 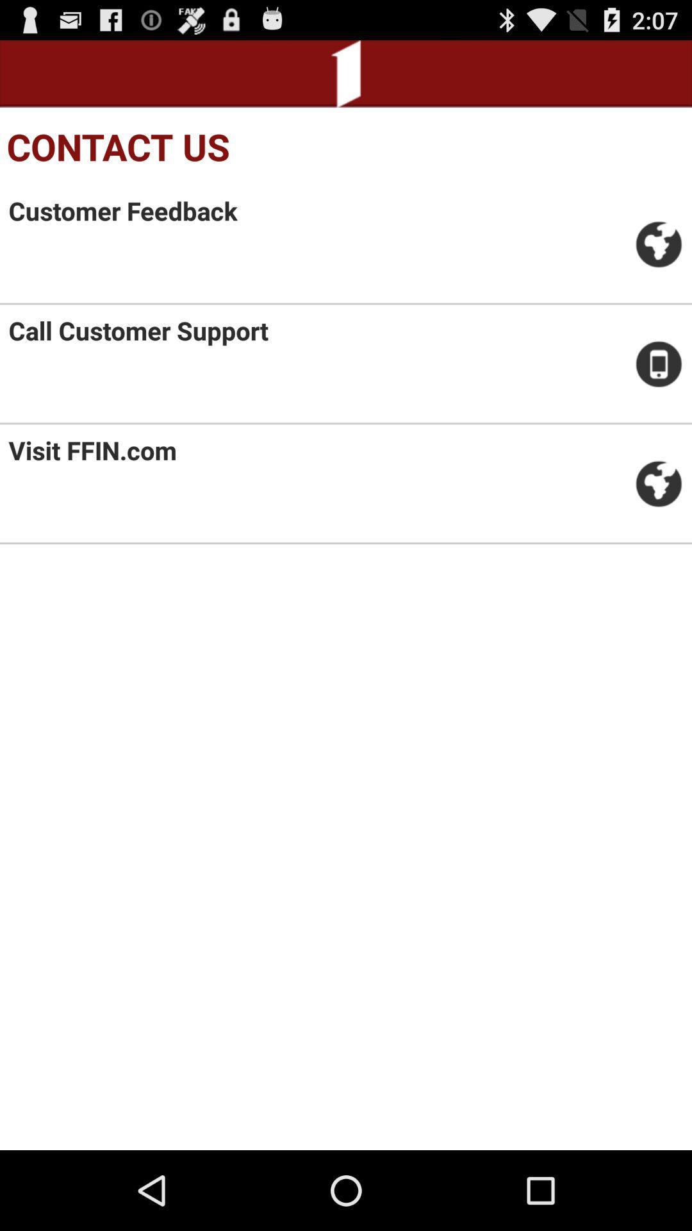 I want to click on visit ffin.com on the left, so click(x=92, y=450).